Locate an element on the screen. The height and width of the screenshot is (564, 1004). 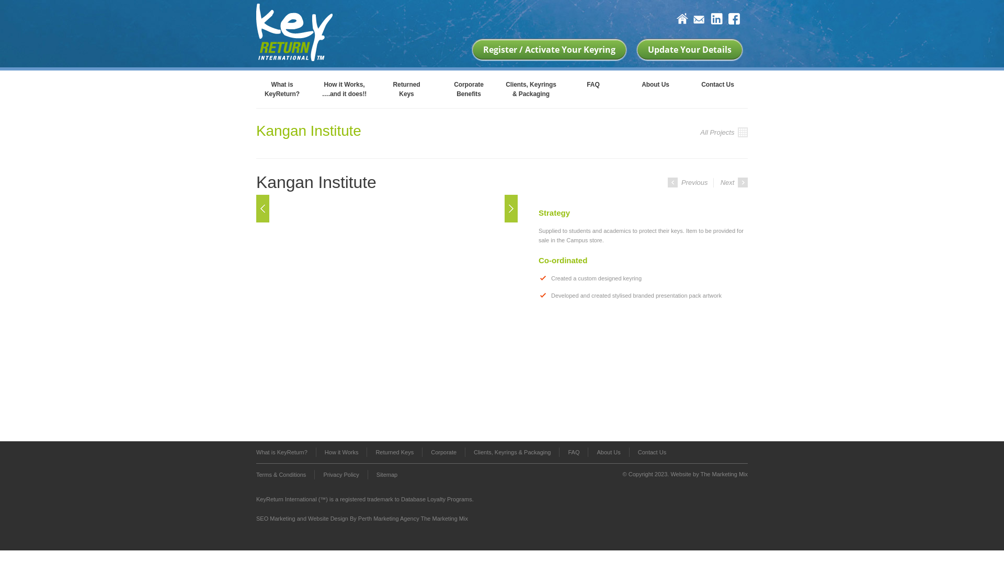
'Update Your Details' is located at coordinates (690, 50).